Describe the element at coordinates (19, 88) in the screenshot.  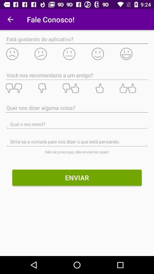
I see `give a thumbs down rating` at that location.